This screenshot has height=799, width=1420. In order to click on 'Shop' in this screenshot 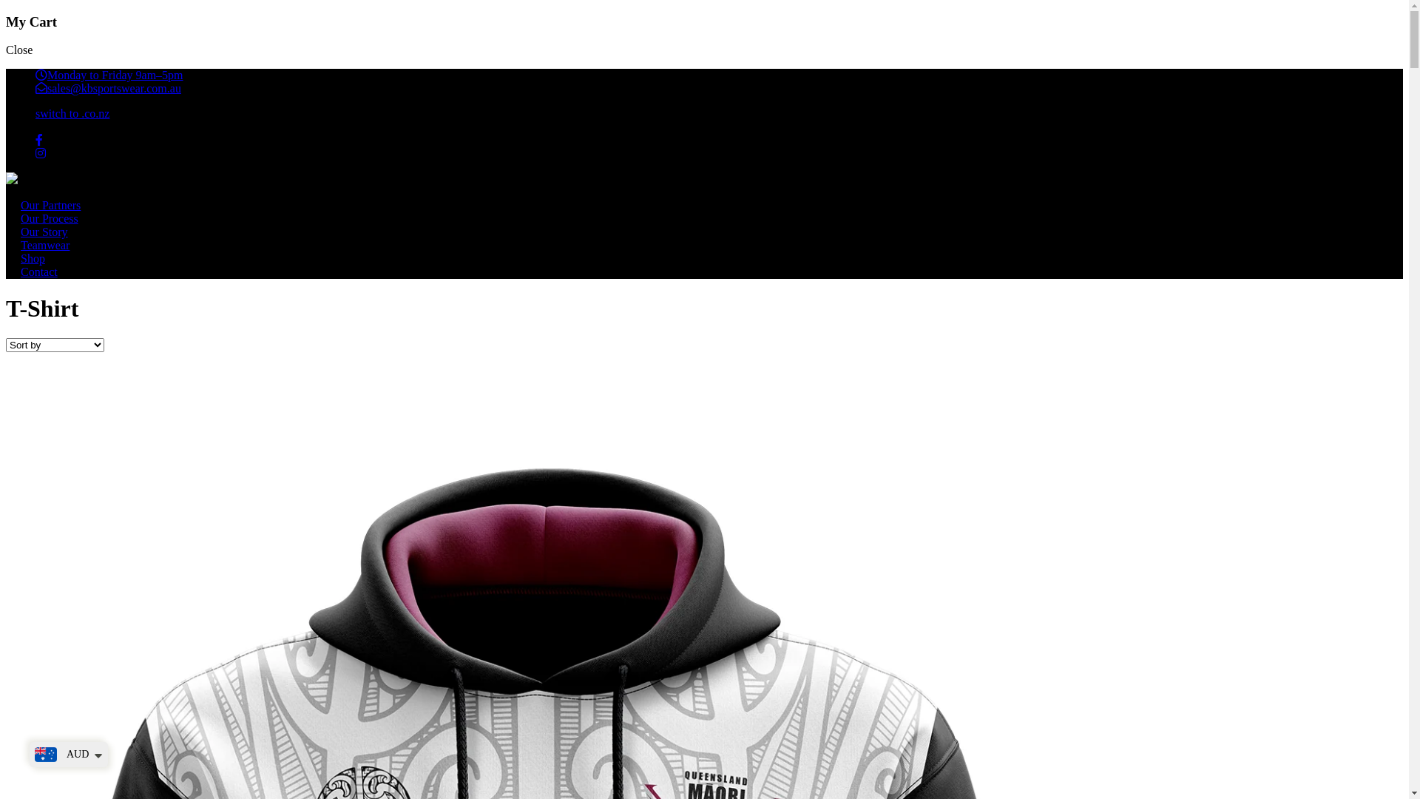, I will do `click(21, 257)`.